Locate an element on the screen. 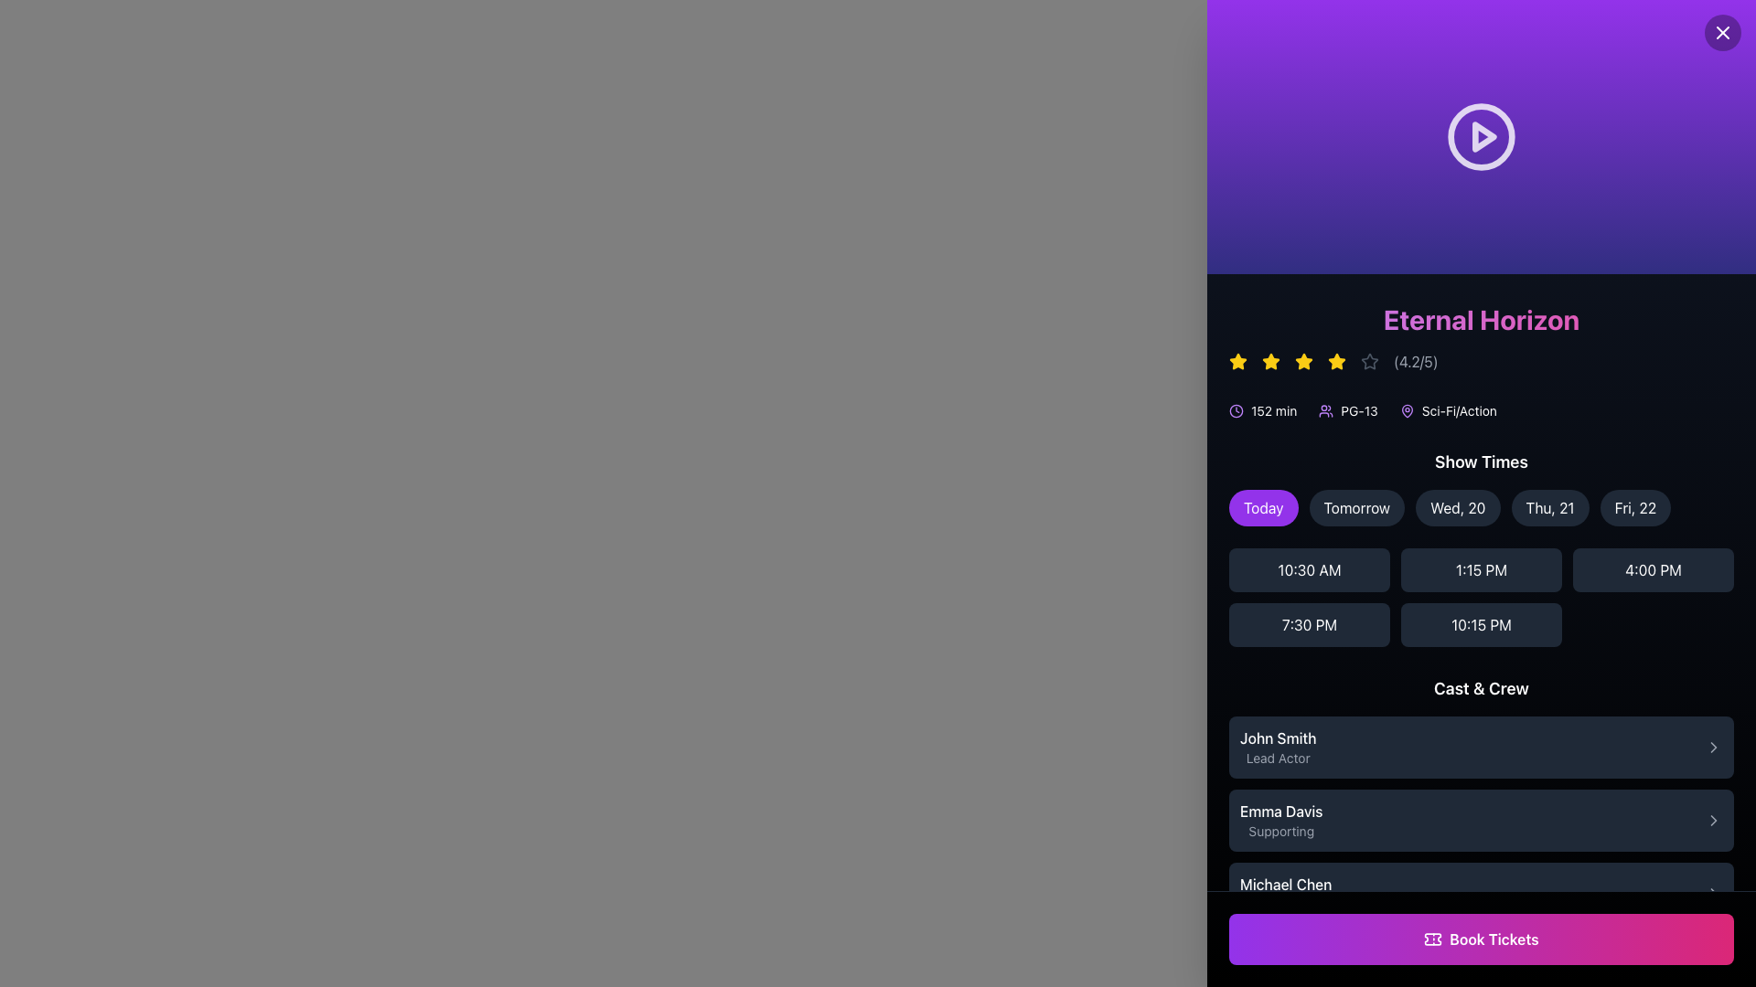 This screenshot has width=1756, height=987. name displayed in the text label showing 'Michael Chen', which is styled with a medium-weight font and is located above the 'Director' label in the 'Cast & Crew' section is located at coordinates (1285, 884).